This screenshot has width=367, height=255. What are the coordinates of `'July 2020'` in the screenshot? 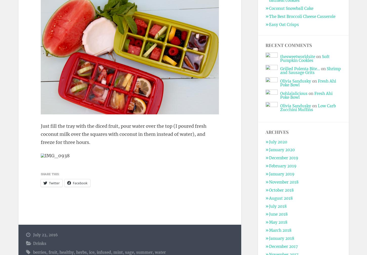 It's located at (269, 141).